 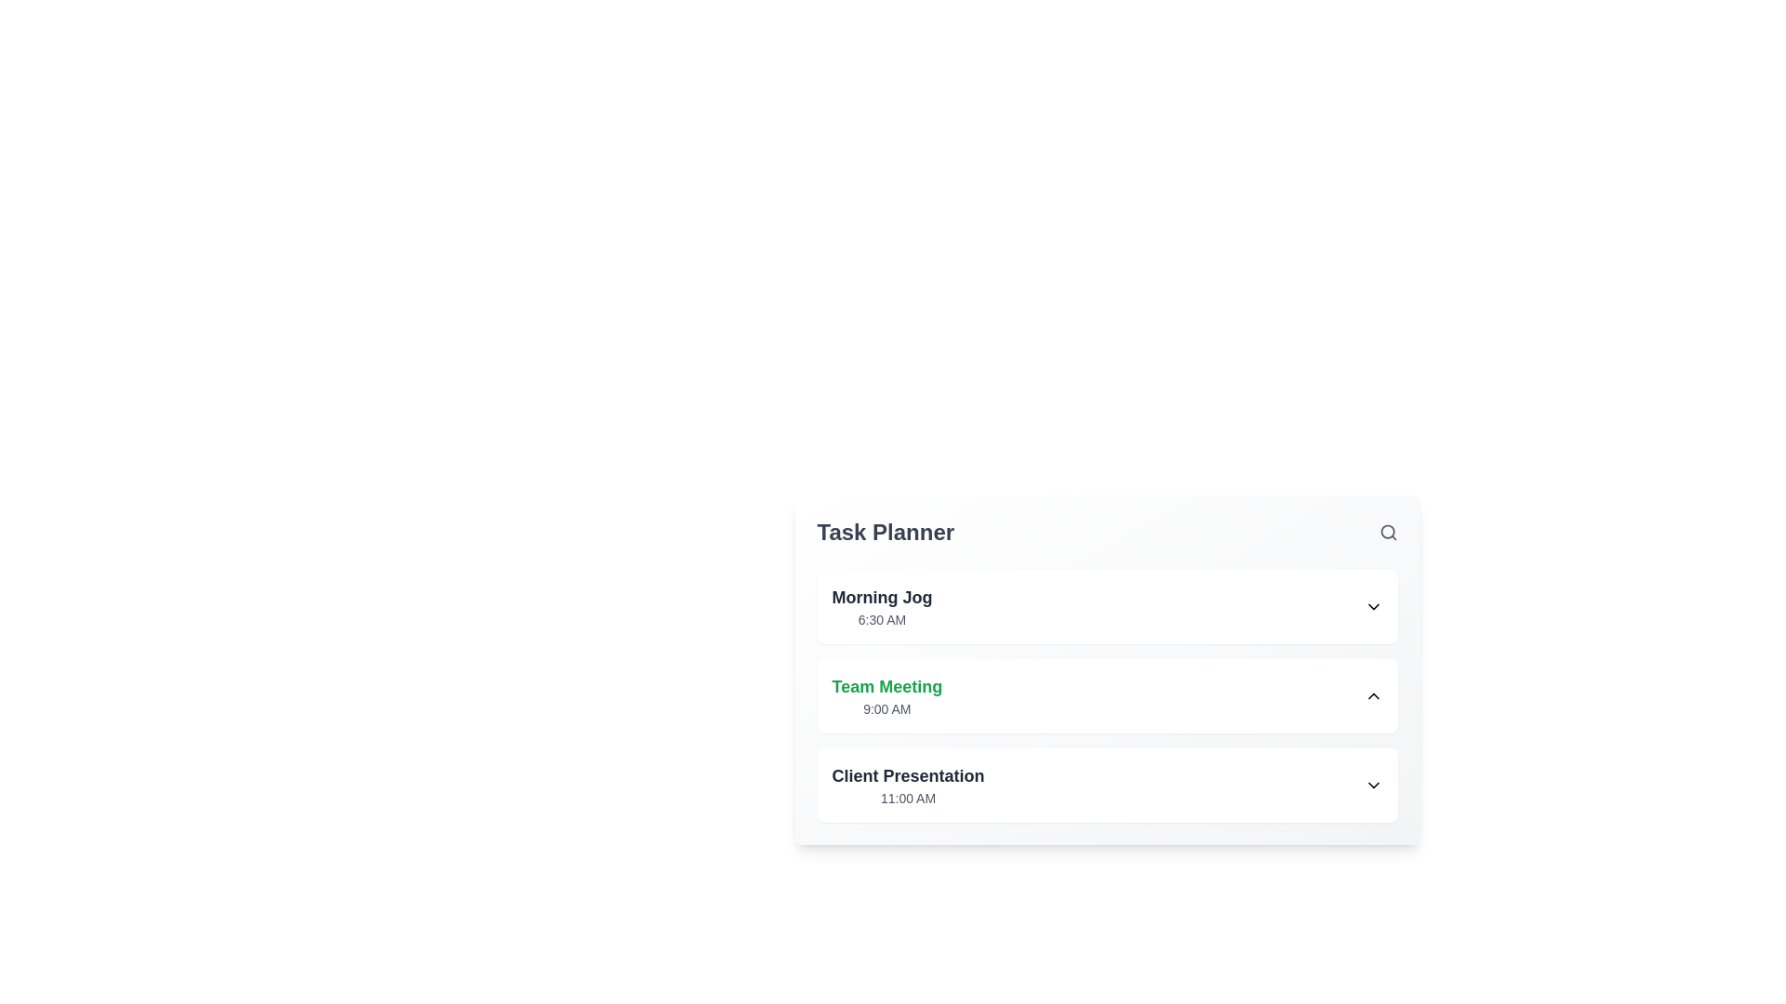 I want to click on the icon-based button located at the far right of the 'Morning Jog 6:30 AM' row, so click(x=1373, y=606).